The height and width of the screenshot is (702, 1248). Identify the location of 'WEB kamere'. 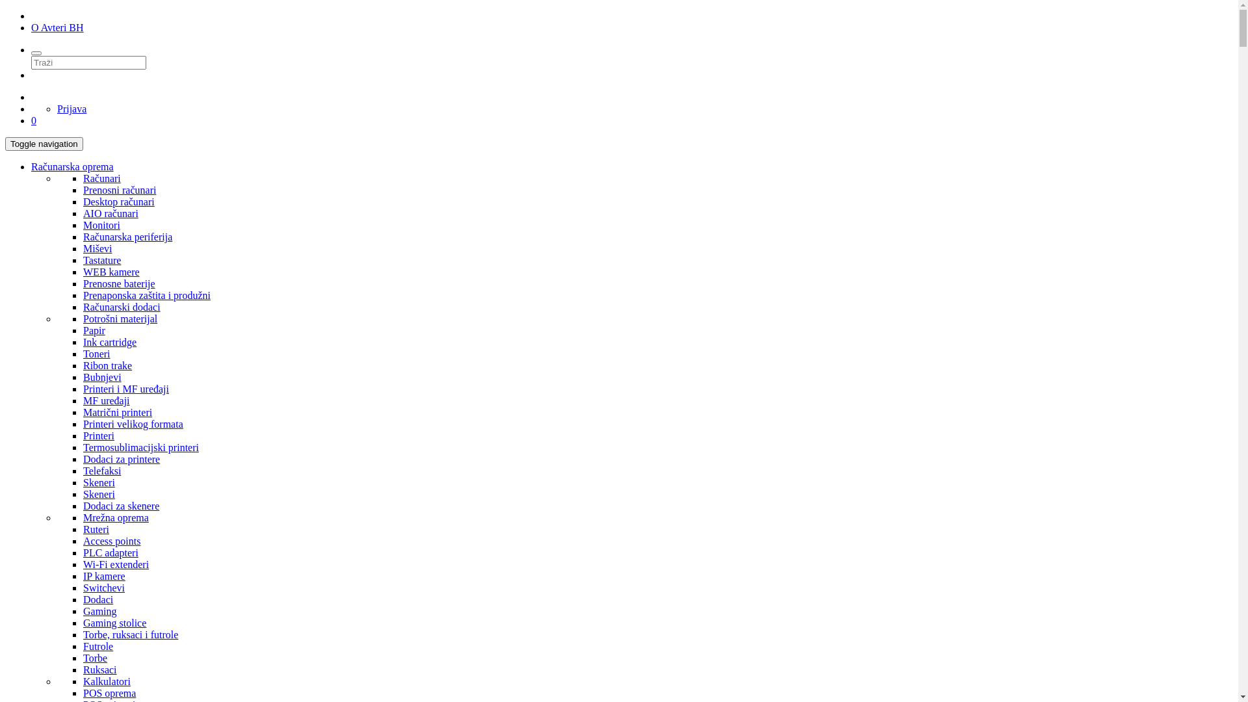
(111, 271).